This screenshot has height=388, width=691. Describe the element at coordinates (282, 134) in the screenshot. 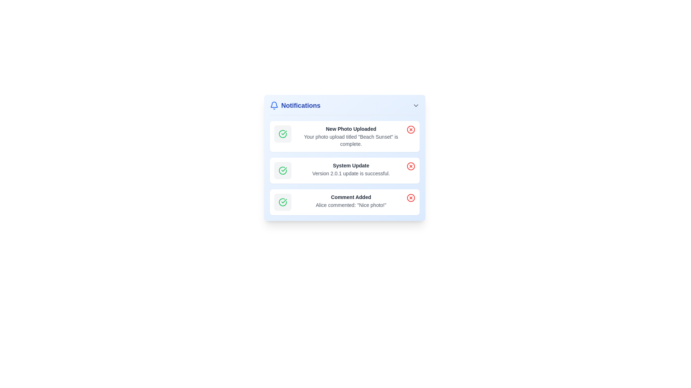

I see `the status icon located in the top notification item of the Notifications section, positioned to the left of the text 'New Photo Uploaded'` at that location.